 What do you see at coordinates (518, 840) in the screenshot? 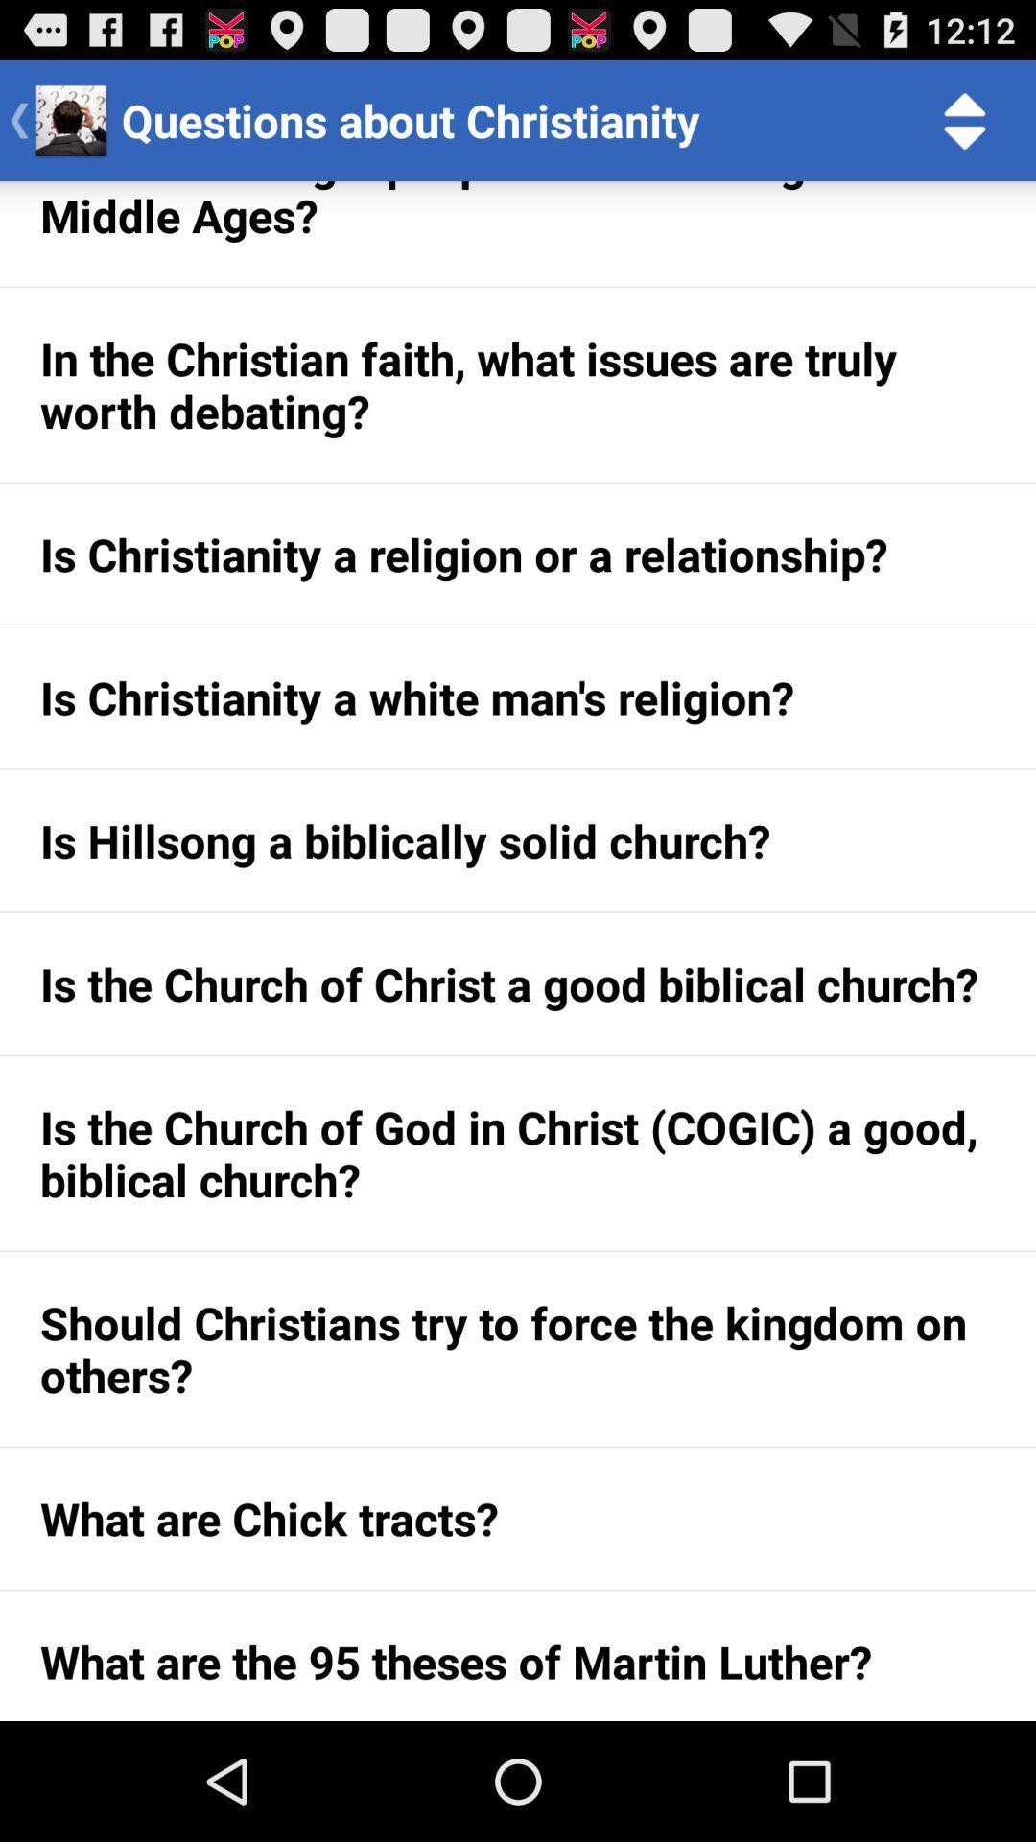
I see `the is hillsong a icon` at bounding box center [518, 840].